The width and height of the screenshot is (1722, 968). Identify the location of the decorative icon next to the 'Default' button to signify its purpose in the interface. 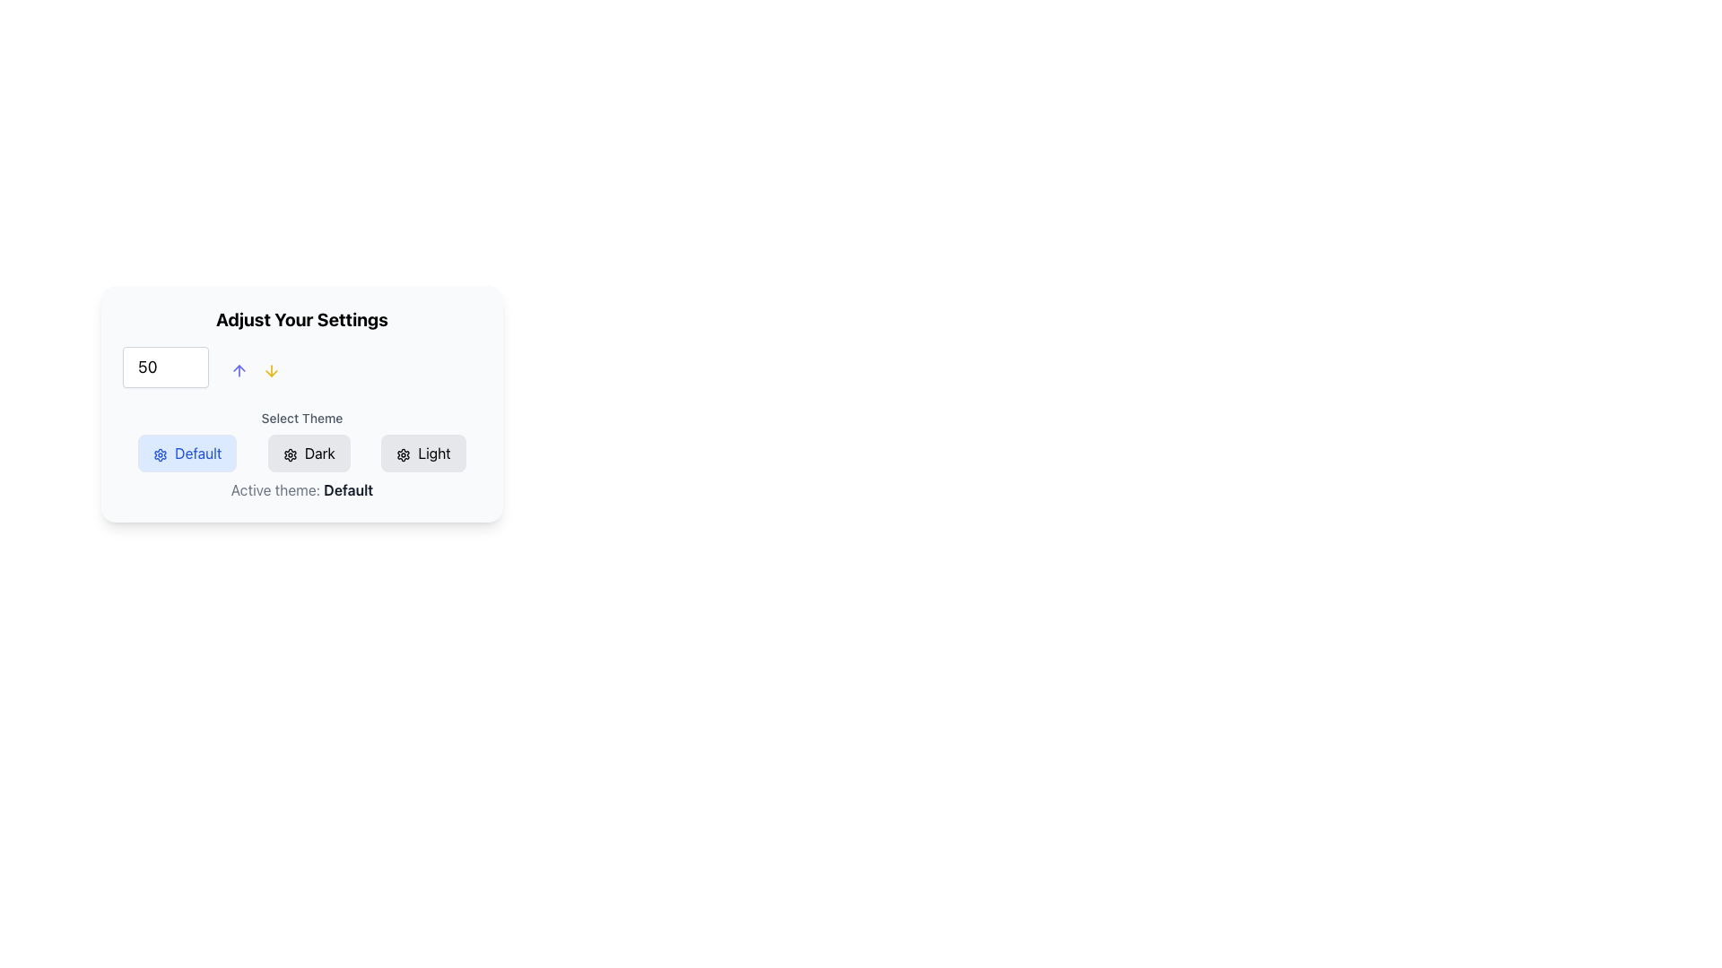
(161, 454).